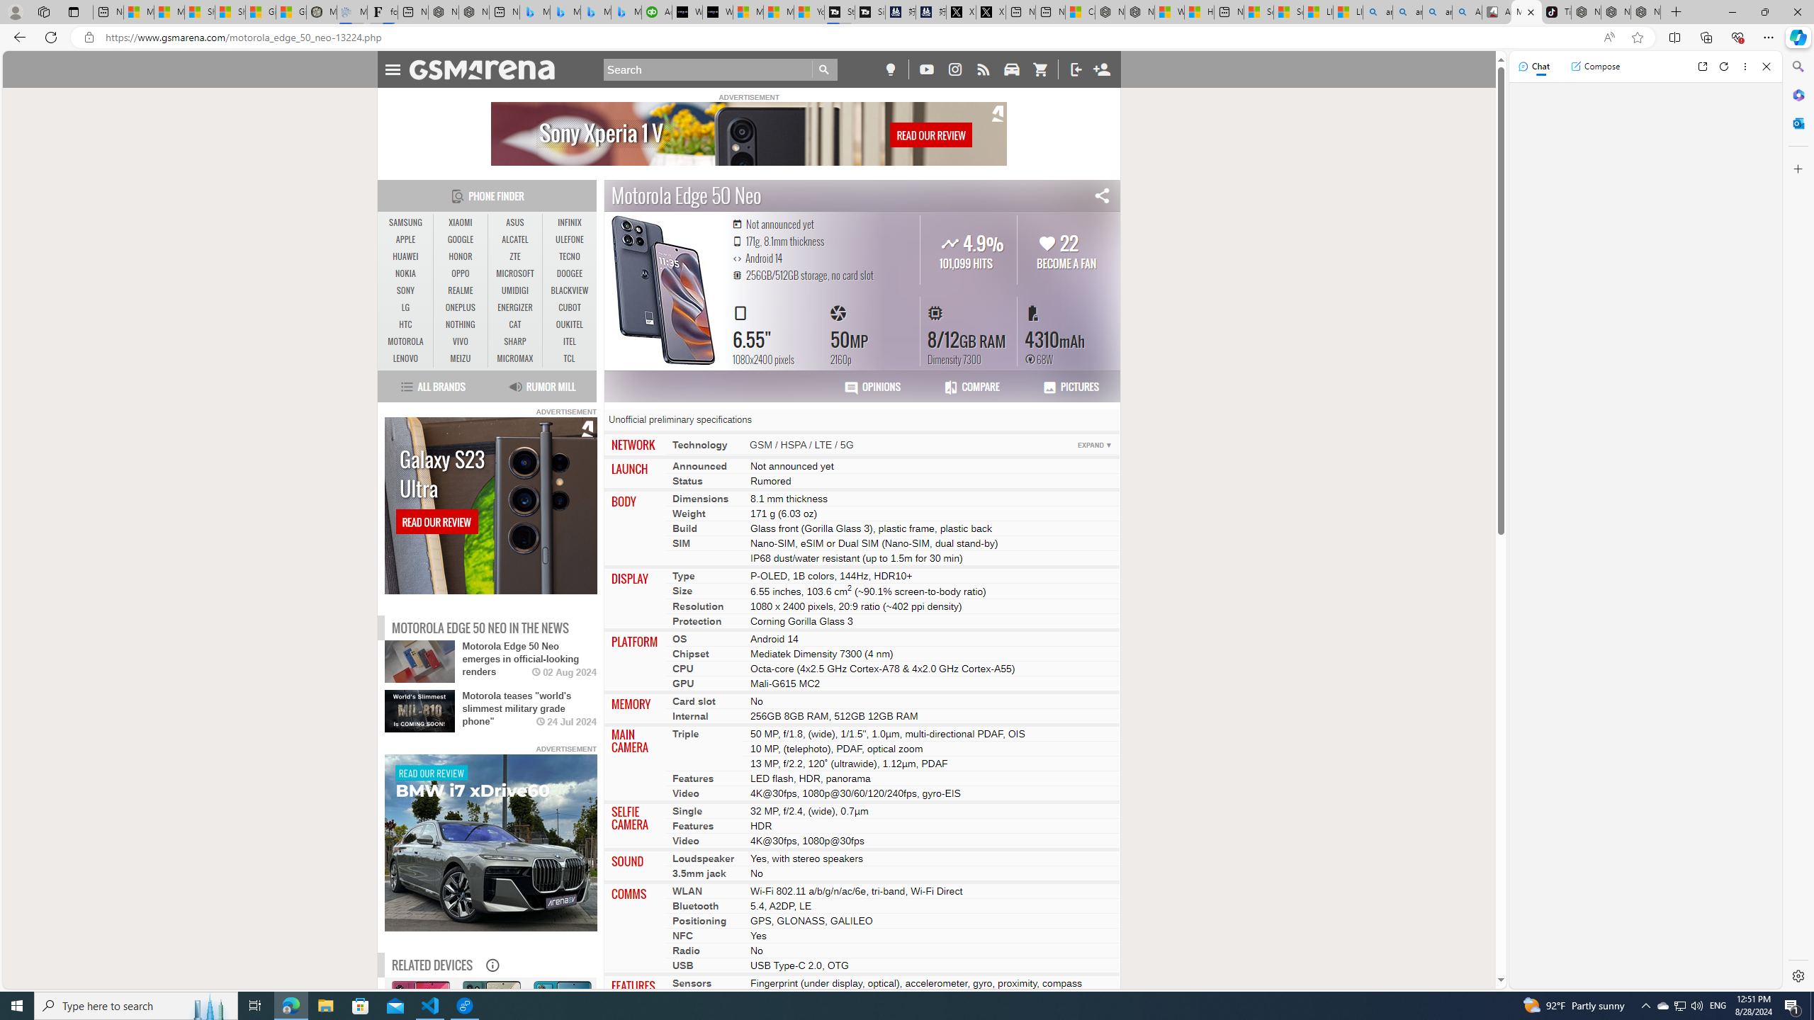 Image resolution: width=1814 pixels, height=1020 pixels. What do you see at coordinates (699, 444) in the screenshot?
I see `'Technology'` at bounding box center [699, 444].